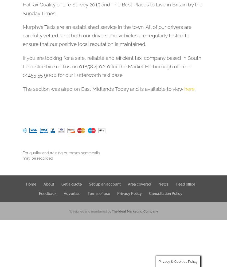 The image size is (227, 267). I want to click on 'Head office', so click(175, 184).